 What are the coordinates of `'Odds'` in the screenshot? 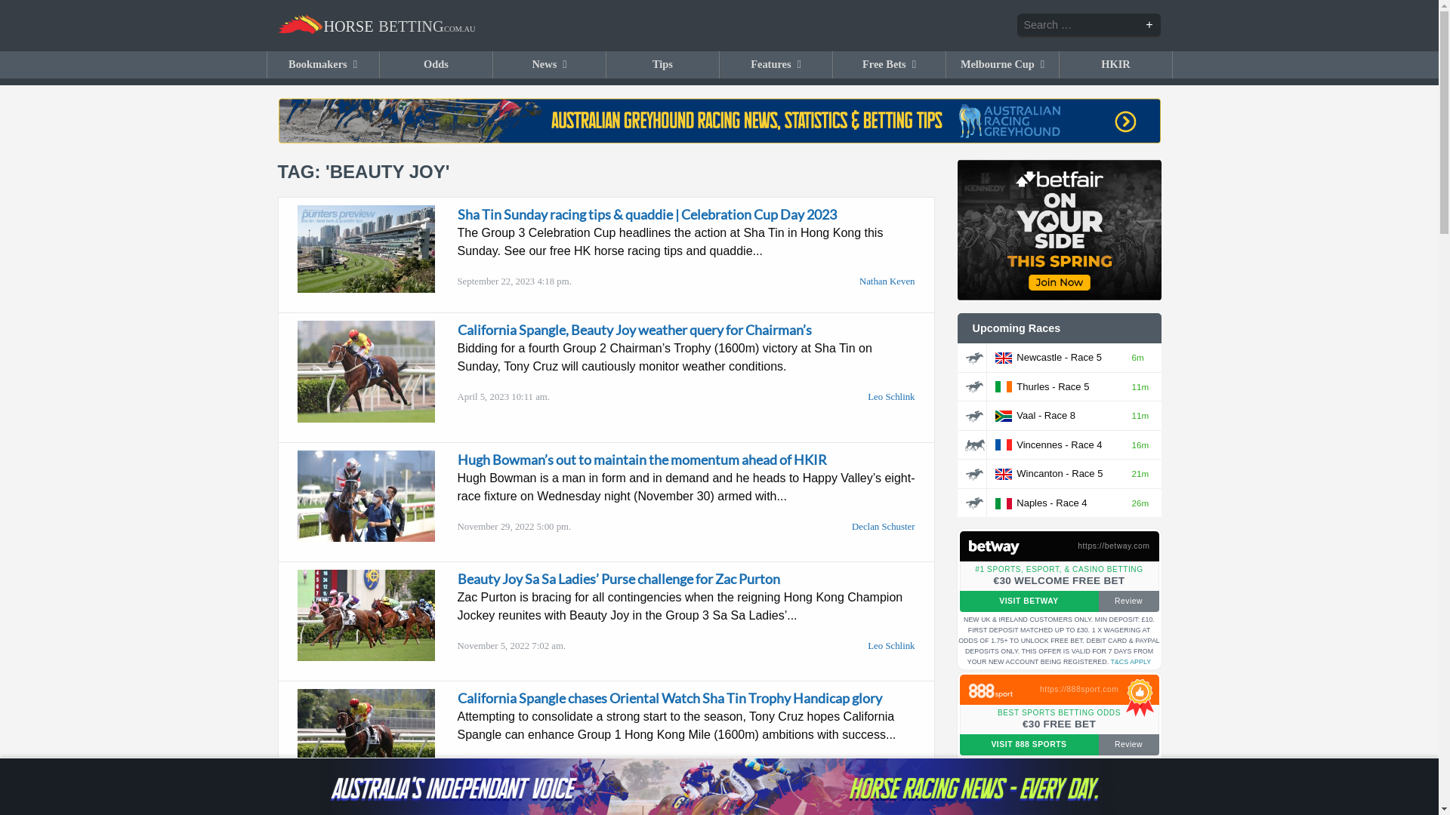 It's located at (436, 63).